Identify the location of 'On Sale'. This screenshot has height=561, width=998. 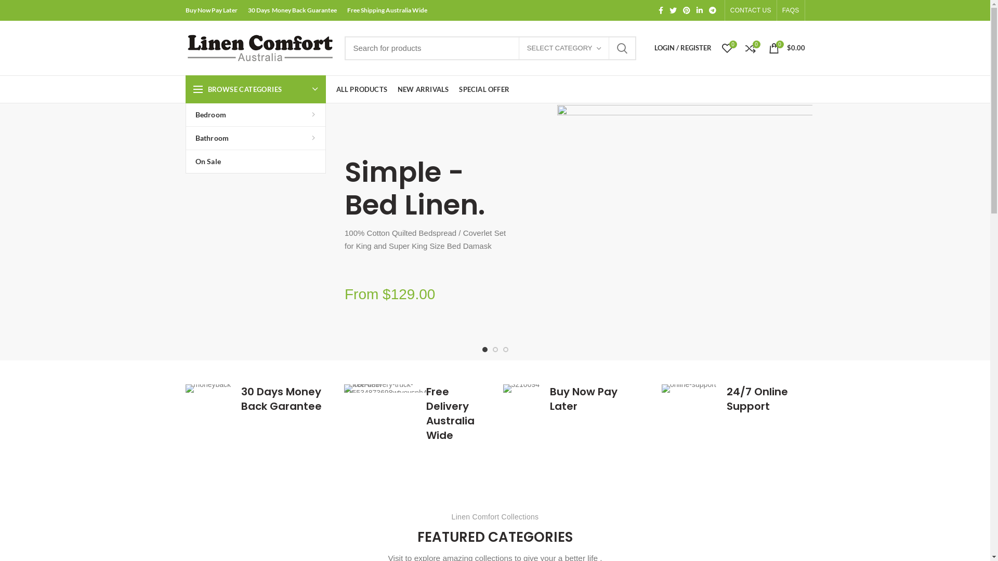
(255, 162).